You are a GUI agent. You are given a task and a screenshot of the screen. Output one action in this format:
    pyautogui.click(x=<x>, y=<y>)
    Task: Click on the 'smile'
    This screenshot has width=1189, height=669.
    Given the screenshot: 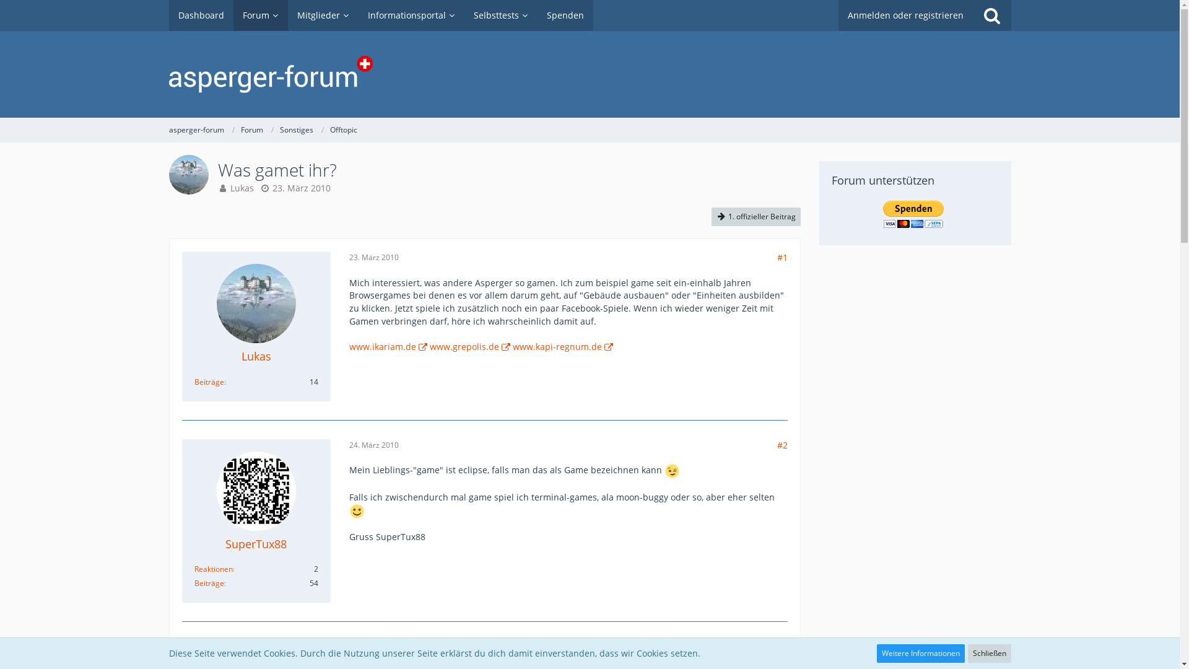 What is the action you would take?
    pyautogui.click(x=355, y=511)
    